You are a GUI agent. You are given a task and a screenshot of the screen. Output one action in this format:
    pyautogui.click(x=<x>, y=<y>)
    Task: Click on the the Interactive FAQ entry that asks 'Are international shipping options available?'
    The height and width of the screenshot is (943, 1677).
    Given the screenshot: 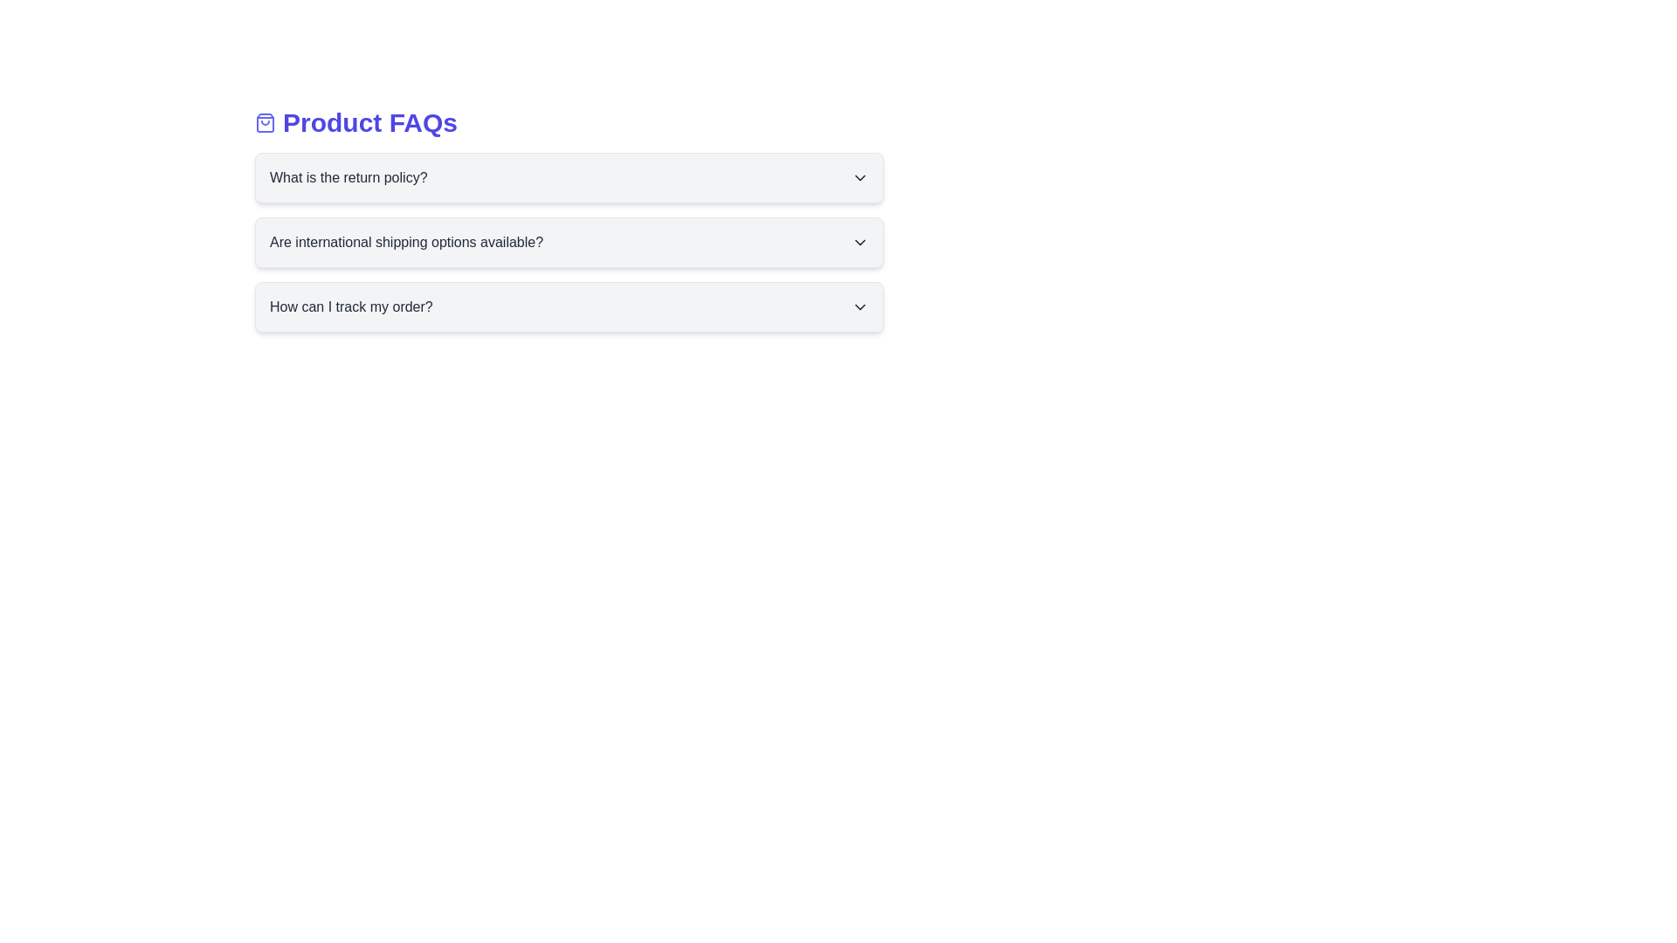 What is the action you would take?
    pyautogui.click(x=569, y=218)
    